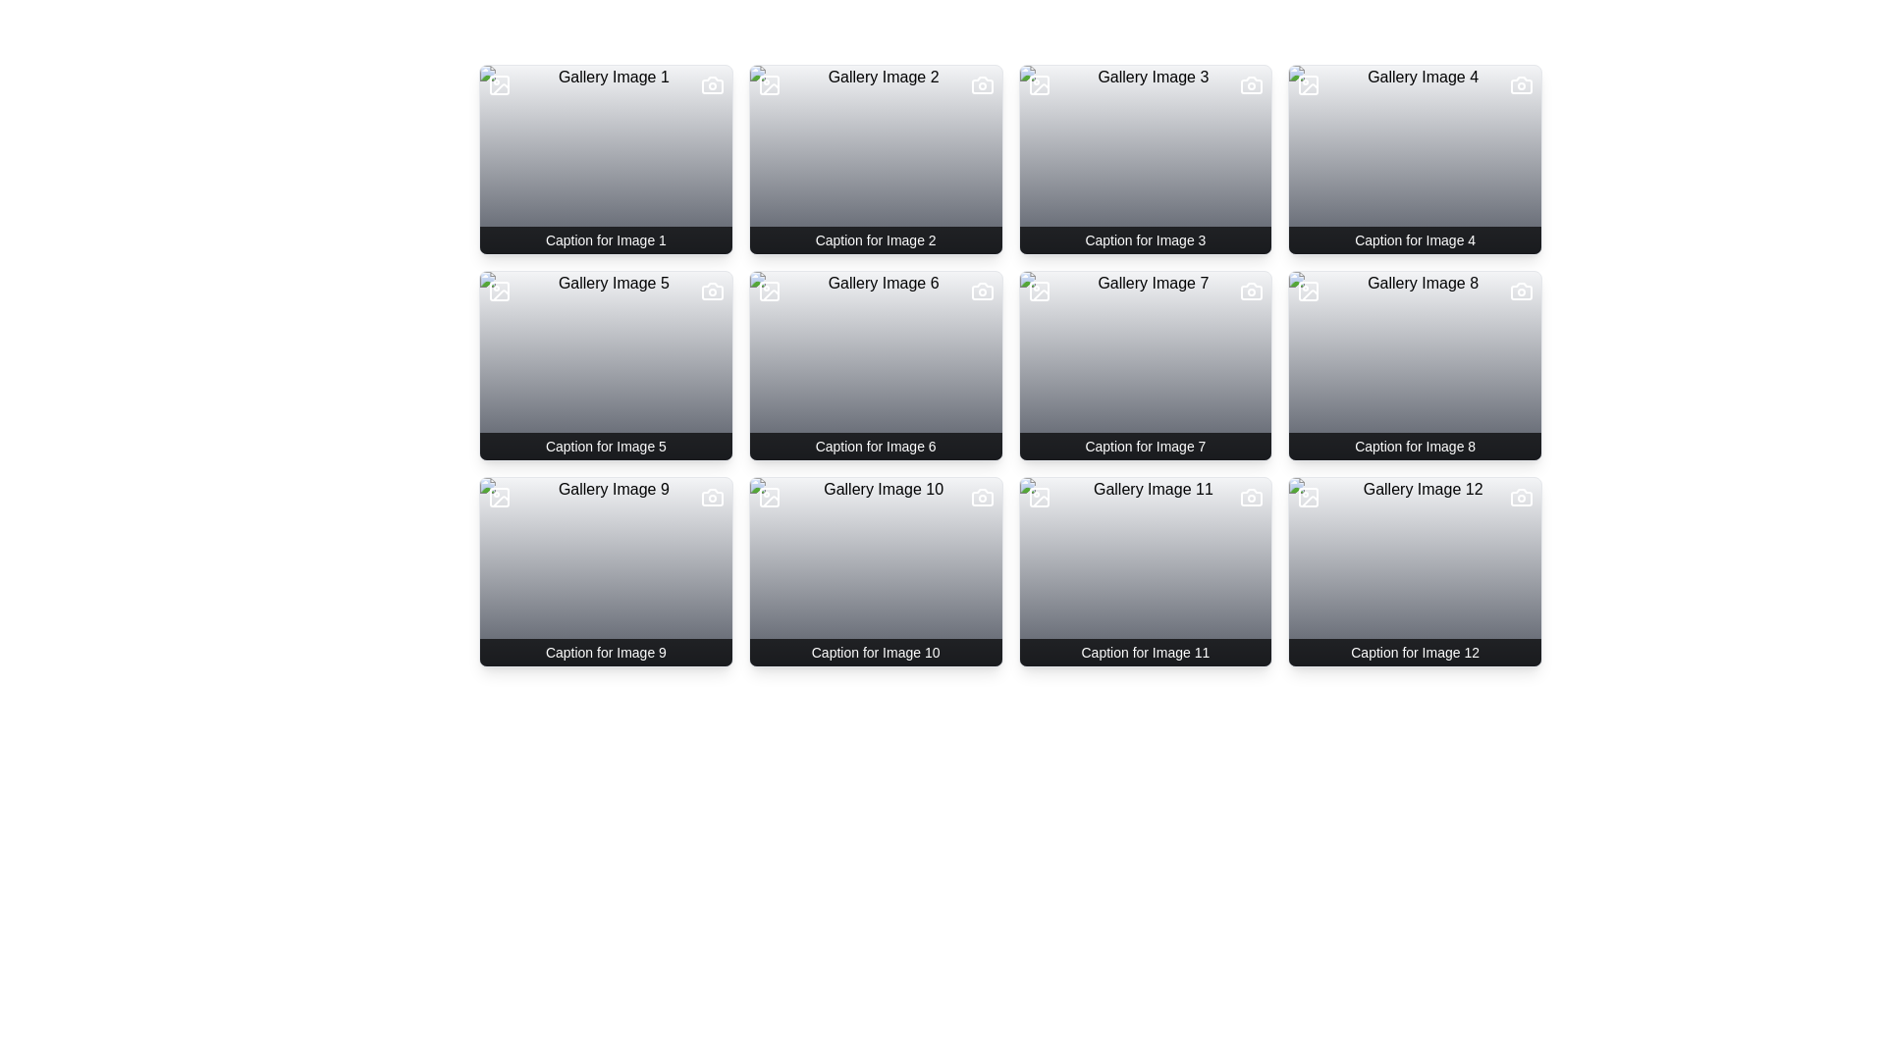  Describe the element at coordinates (711, 496) in the screenshot. I see `the camera icon button located at the top-right corner of the card for 'Caption for Image 9'` at that location.